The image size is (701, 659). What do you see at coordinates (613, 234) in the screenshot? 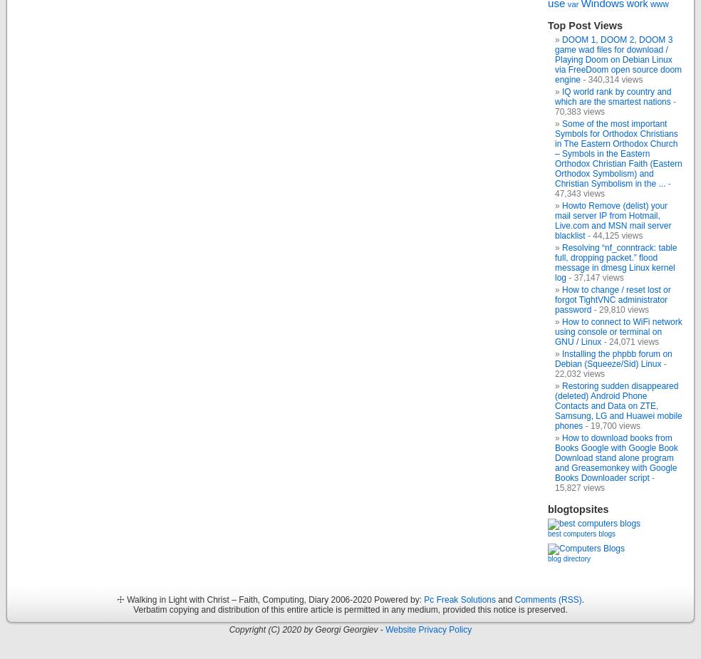
I see `'- 44,125 views'` at bounding box center [613, 234].